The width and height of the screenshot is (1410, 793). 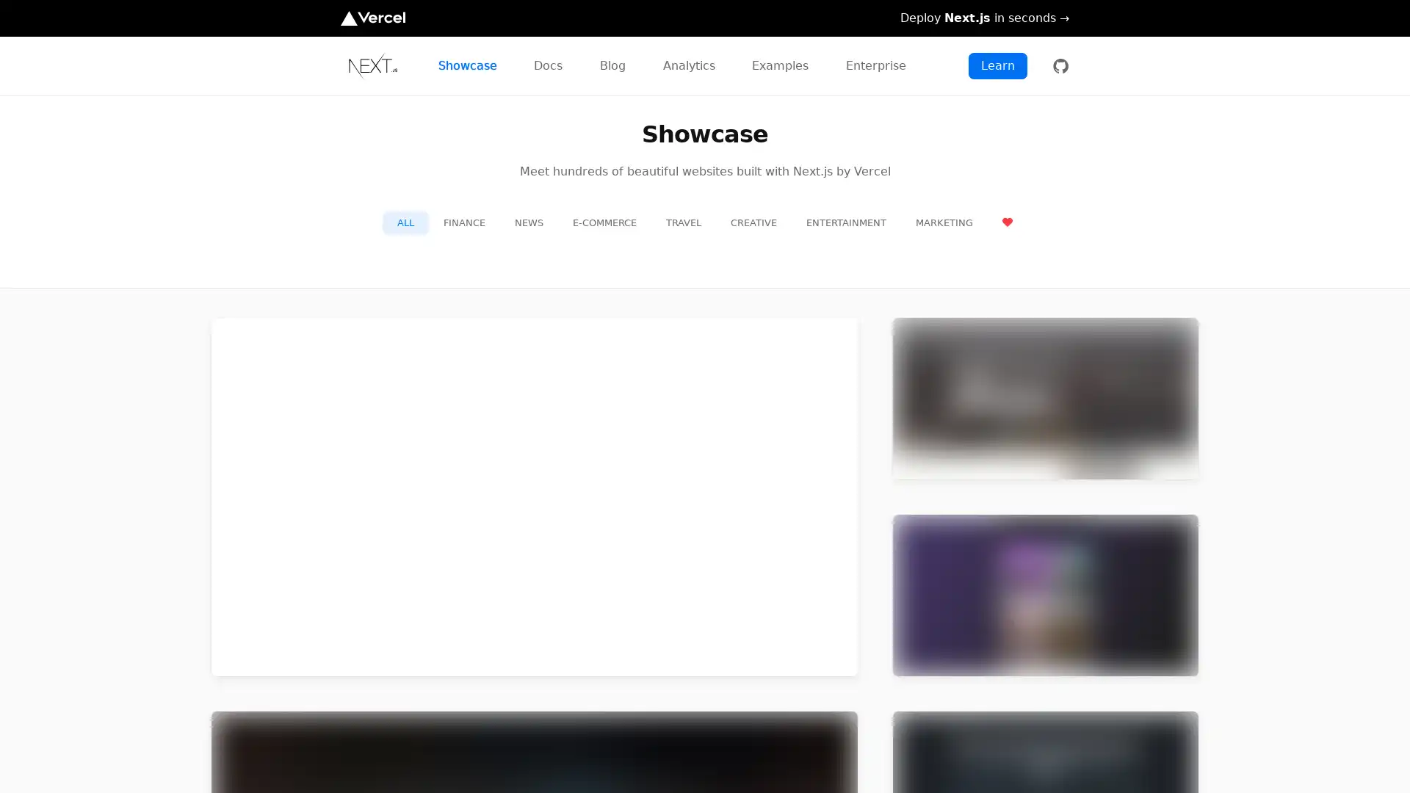 I want to click on ALL, so click(x=405, y=222).